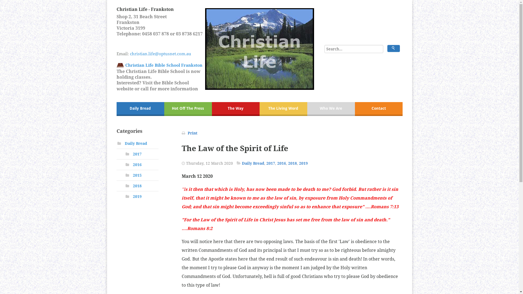 The height and width of the screenshot is (294, 523). Describe the element at coordinates (133, 185) in the screenshot. I see `'2018'` at that location.